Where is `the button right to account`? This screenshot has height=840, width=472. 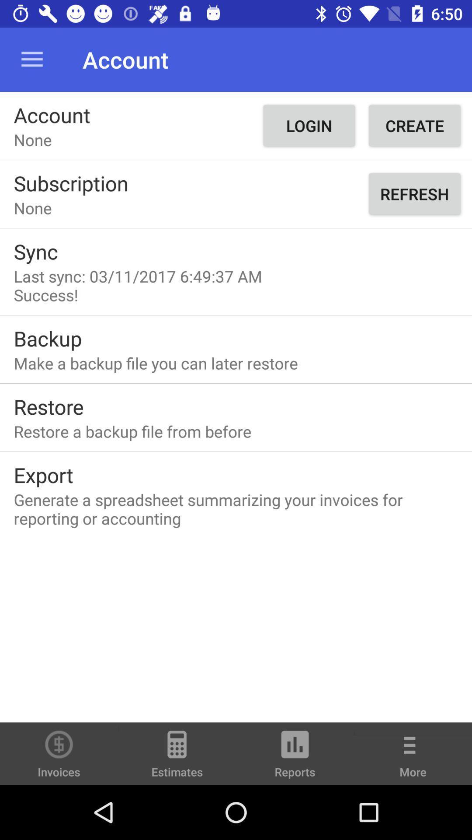 the button right to account is located at coordinates (309, 125).